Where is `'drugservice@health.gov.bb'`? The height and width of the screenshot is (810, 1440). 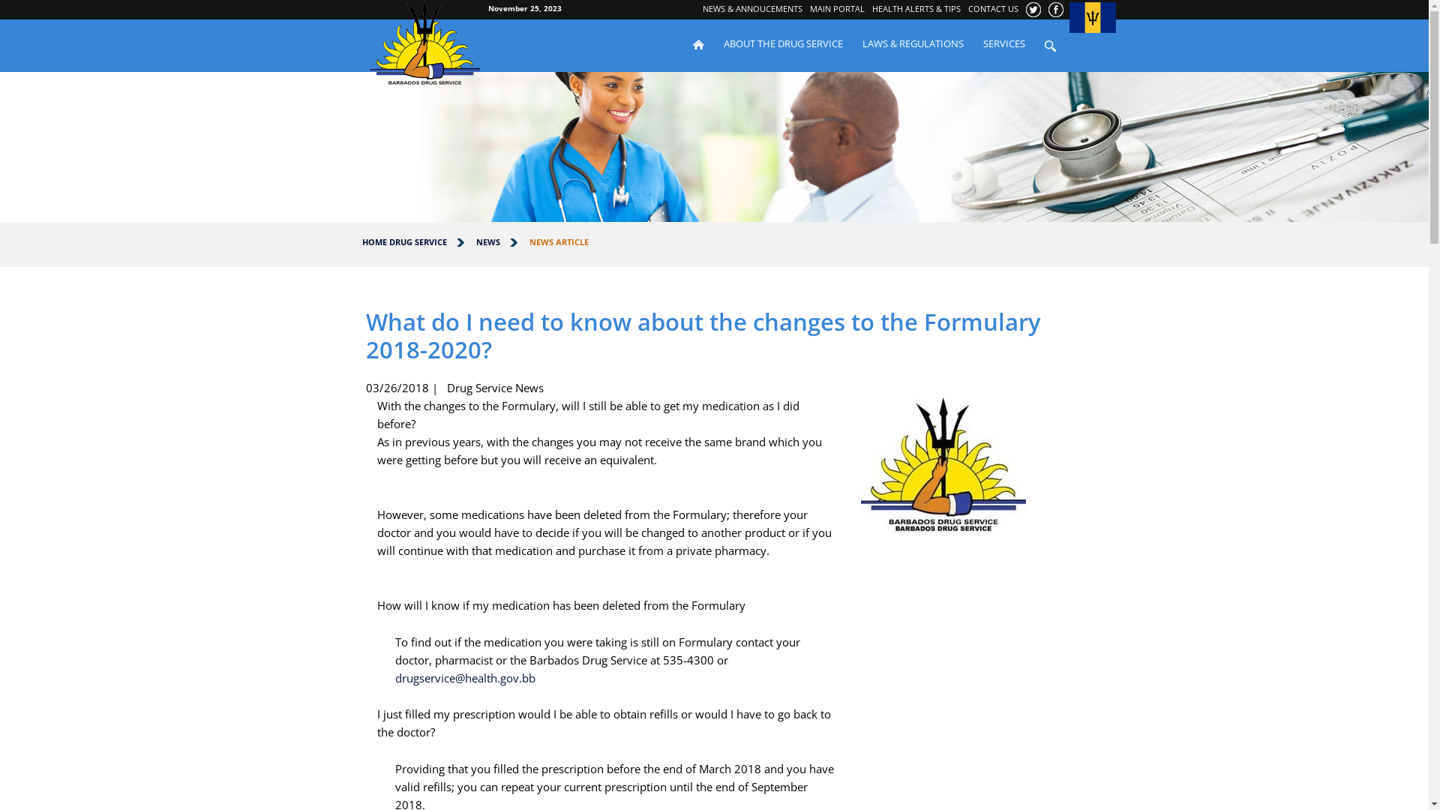
'drugservice@health.gov.bb' is located at coordinates (463, 677).